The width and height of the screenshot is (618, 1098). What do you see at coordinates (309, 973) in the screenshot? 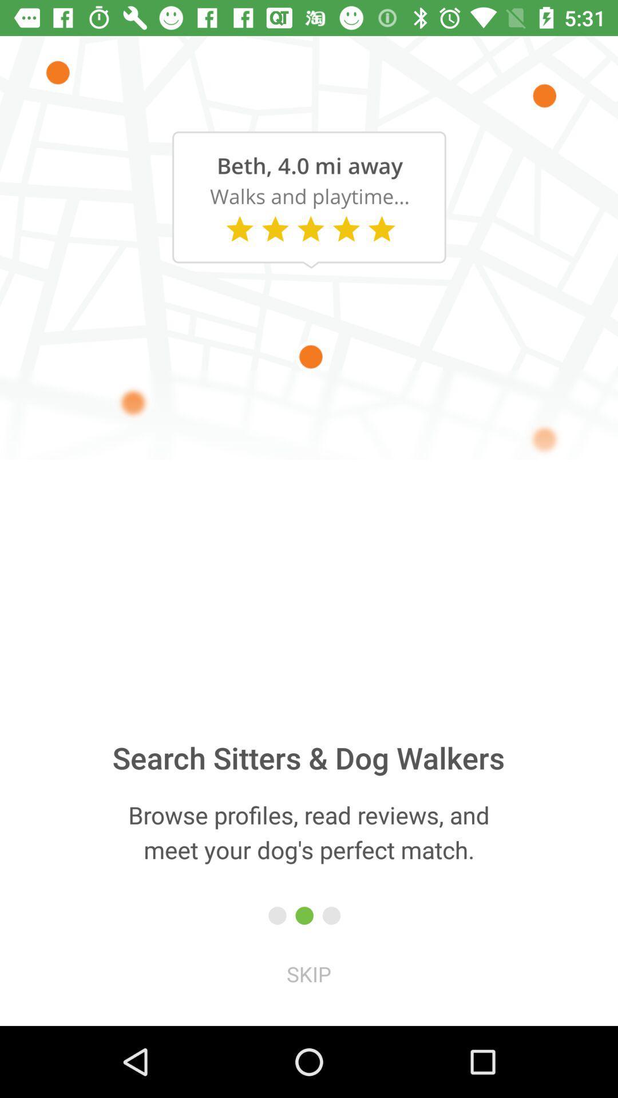
I see `skip icon` at bounding box center [309, 973].